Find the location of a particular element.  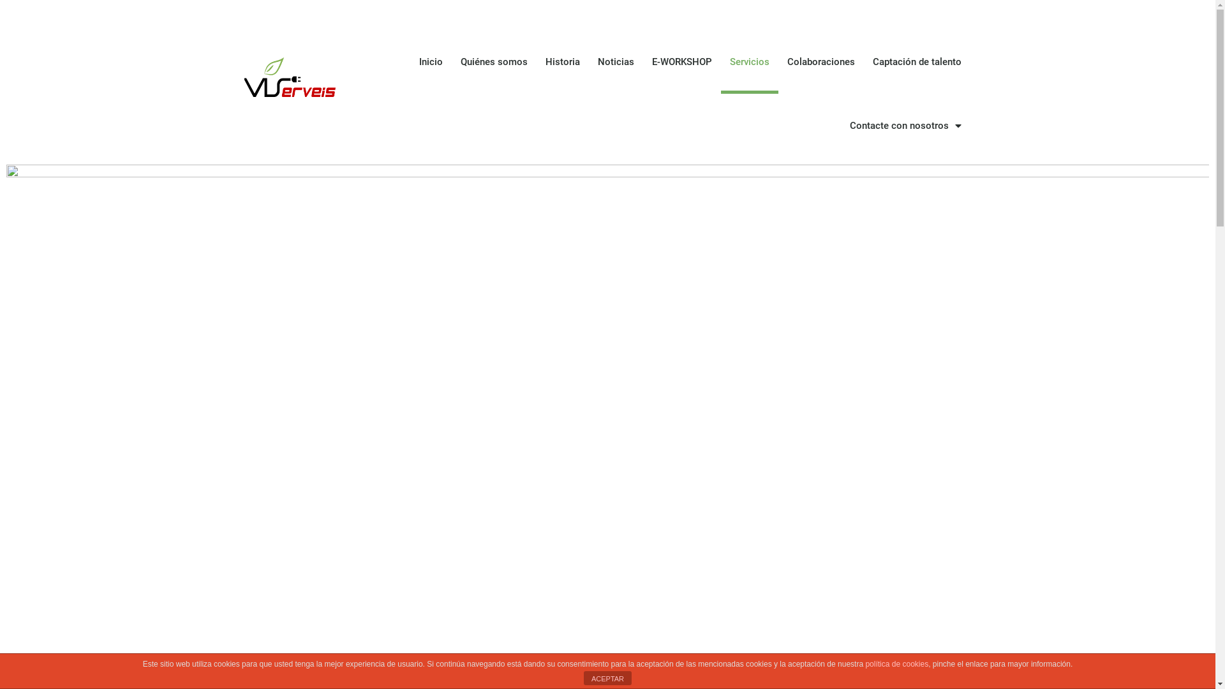

'ACEPTAR' is located at coordinates (583, 678).